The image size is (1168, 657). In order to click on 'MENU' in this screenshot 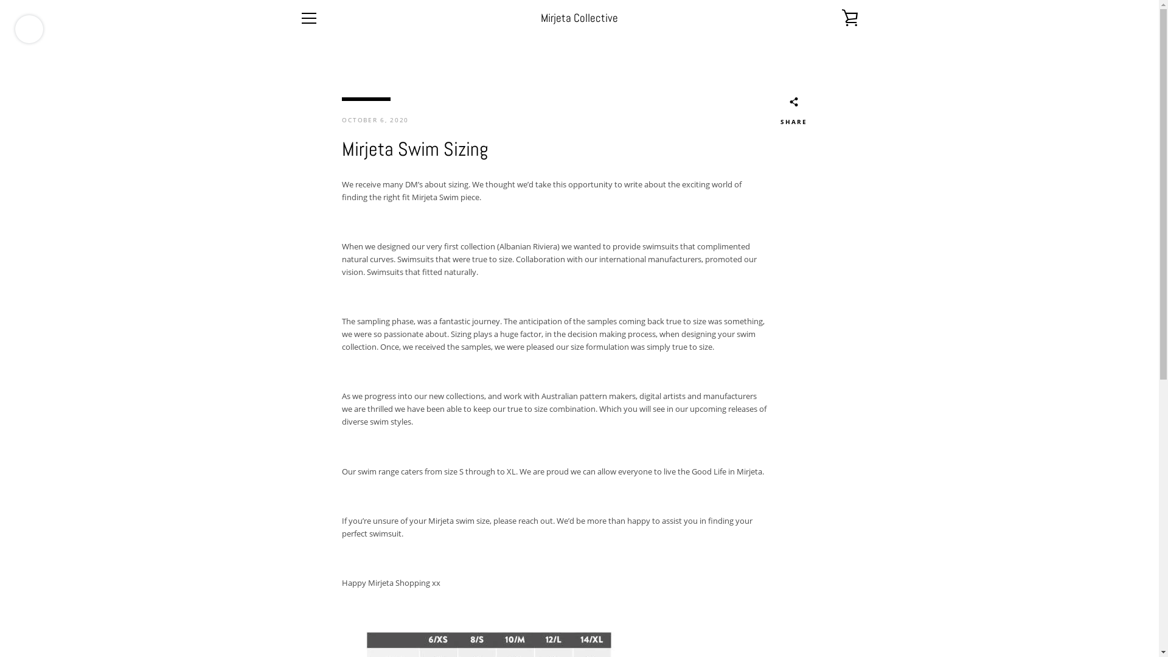, I will do `click(308, 18)`.